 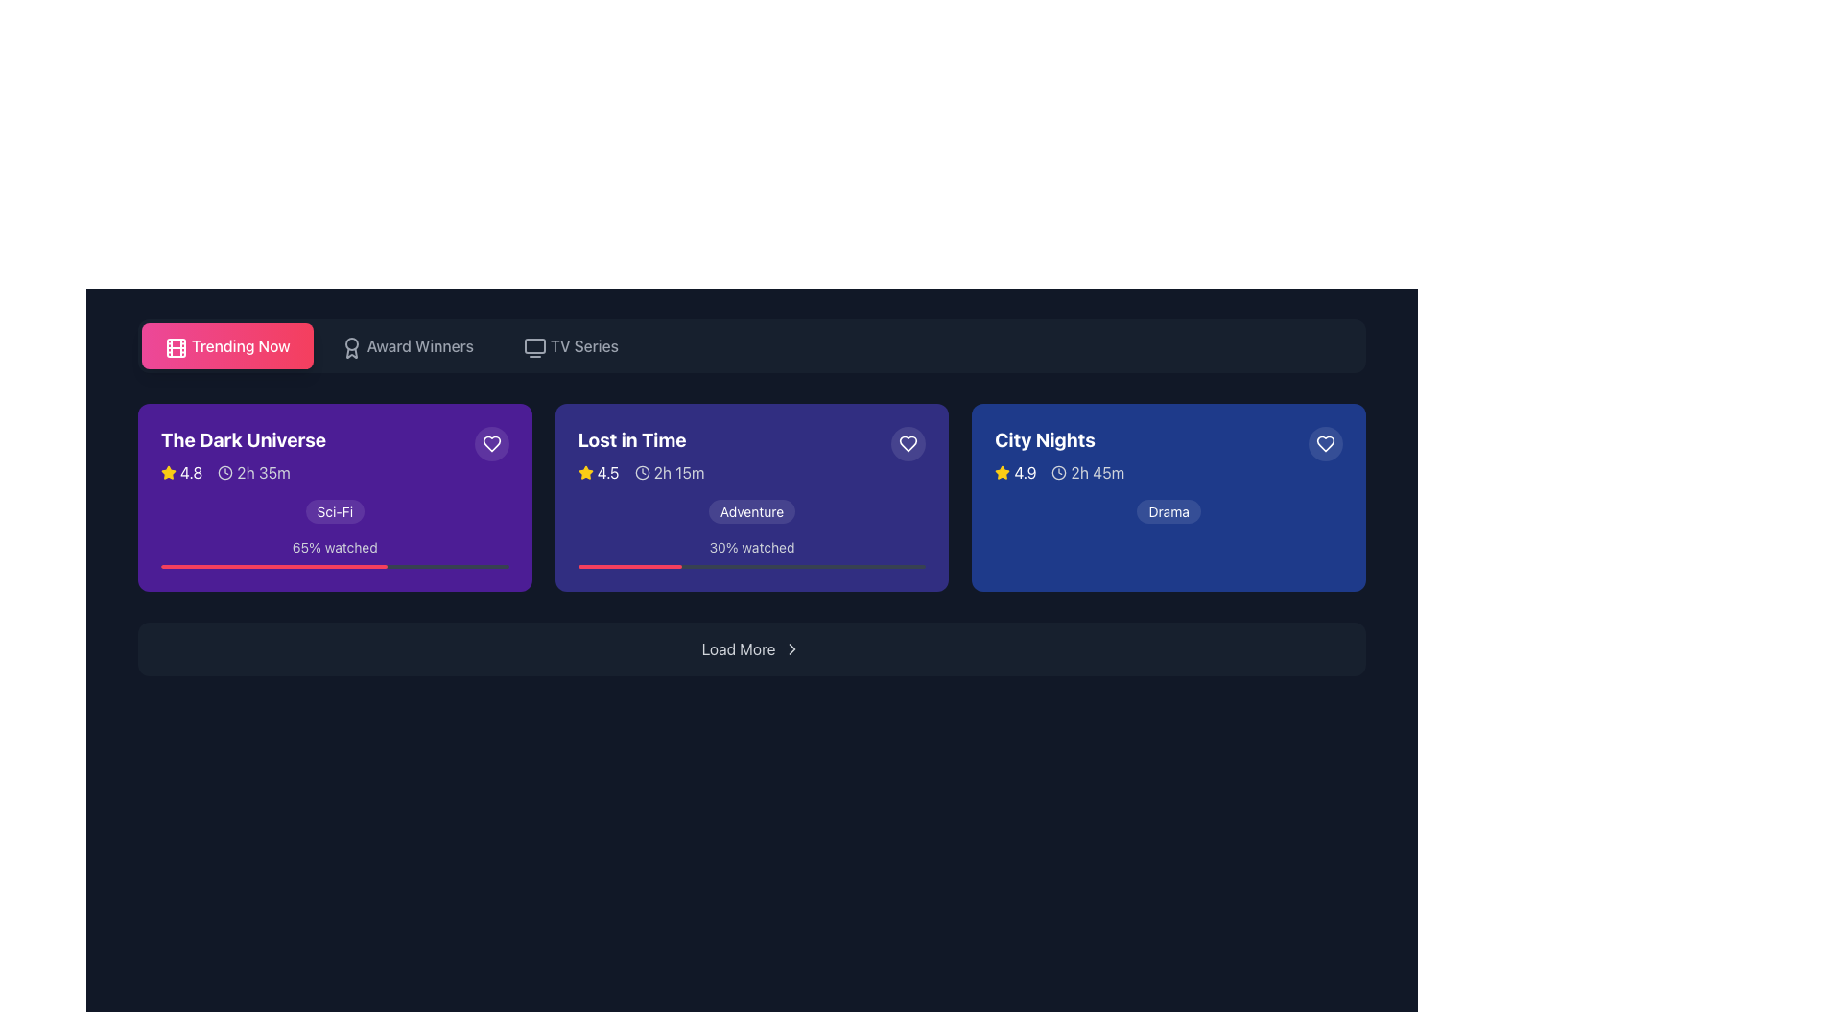 I want to click on the favorite button located at the top-right corner of the 'Lost in Time' card to mark the item as a favorite, so click(x=908, y=443).